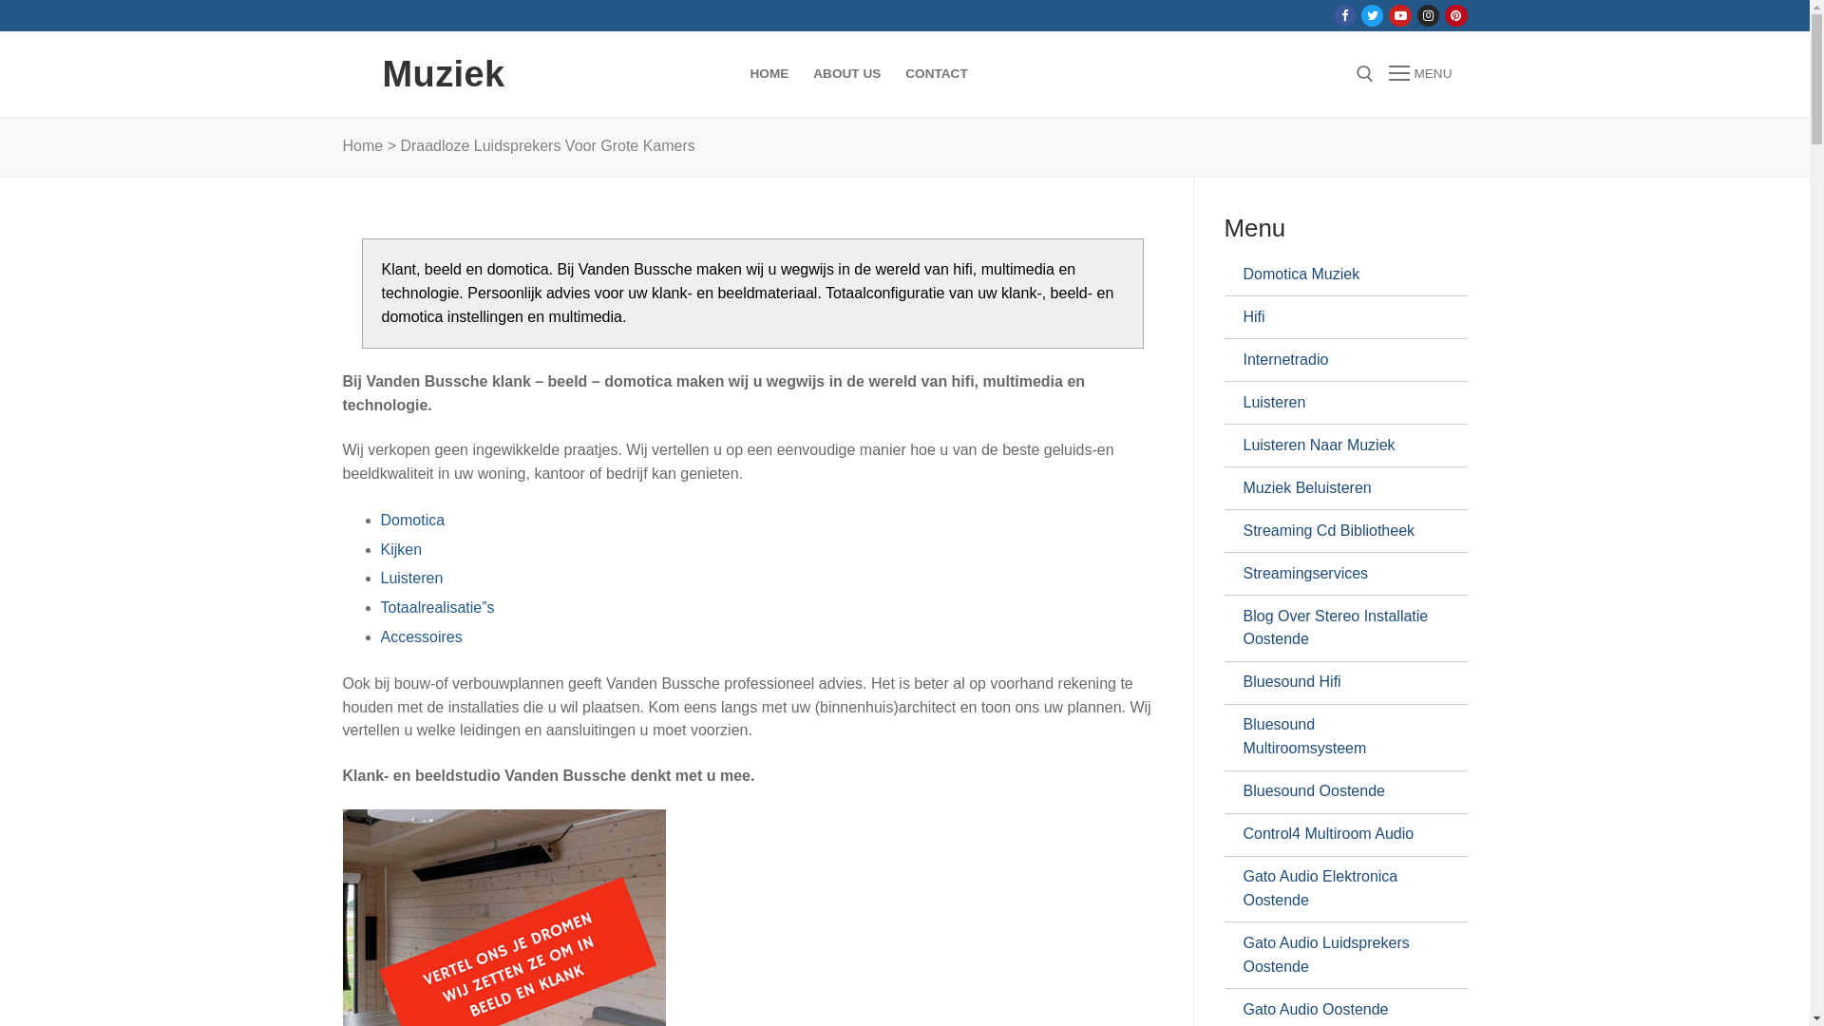  Describe the element at coordinates (1336, 736) in the screenshot. I see `'Bluesound Multiroomsysteem'` at that location.